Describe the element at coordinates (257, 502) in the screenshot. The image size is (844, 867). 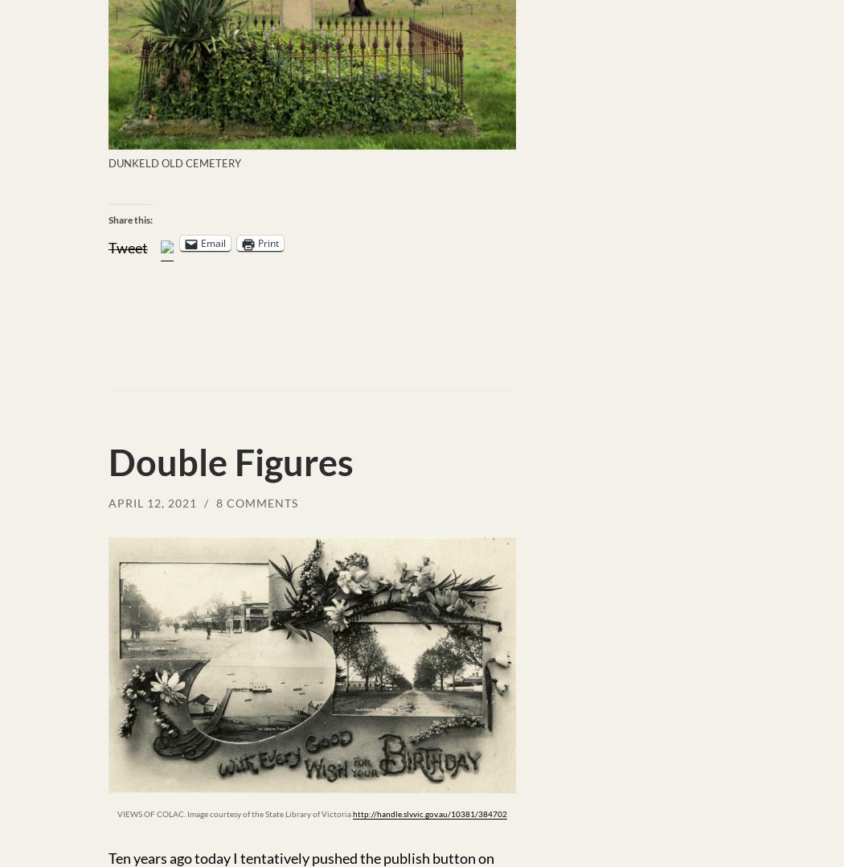
I see `'8 Comments'` at that location.